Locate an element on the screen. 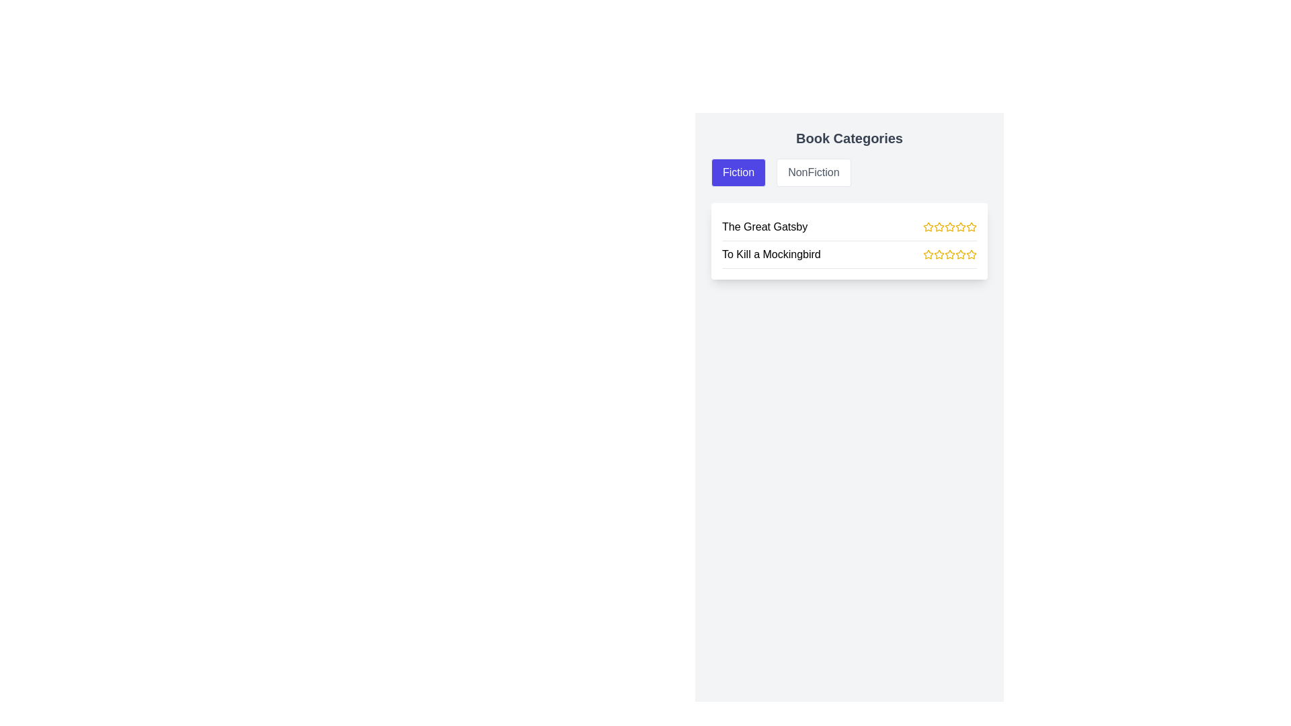 This screenshot has width=1291, height=726. the second yellow star icon with a hollow center in the row of rating stars next to the book 'To Kill a Mockingbird' is located at coordinates (938, 254).